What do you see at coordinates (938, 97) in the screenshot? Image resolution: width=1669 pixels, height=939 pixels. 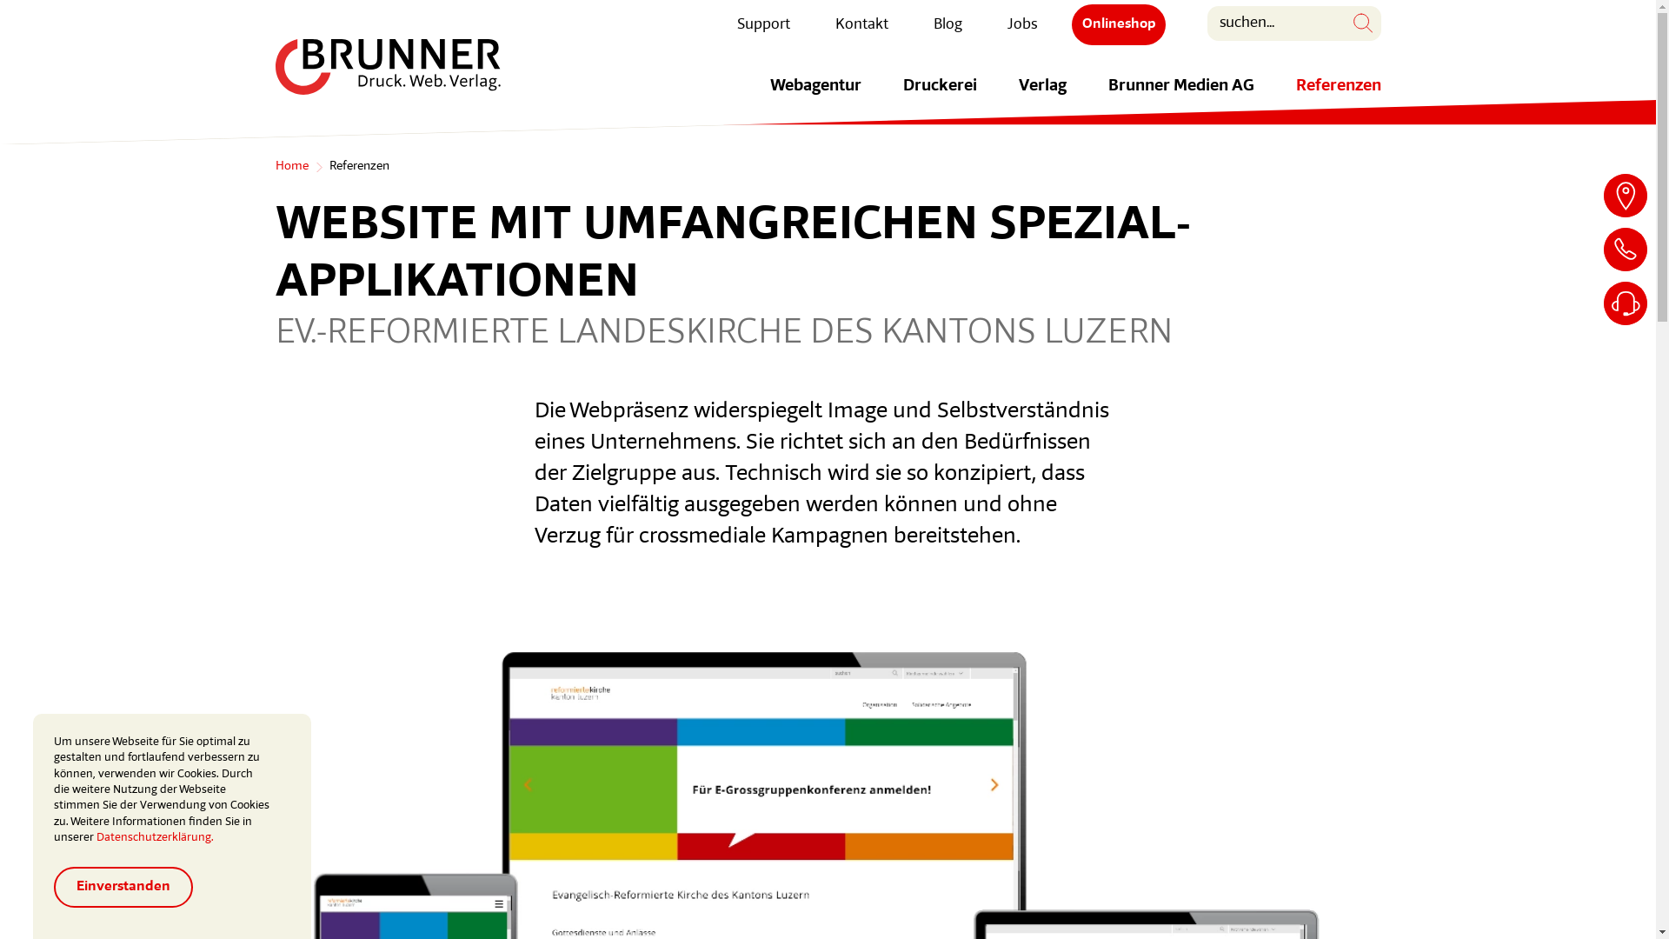 I see `'Druckerei'` at bounding box center [938, 97].